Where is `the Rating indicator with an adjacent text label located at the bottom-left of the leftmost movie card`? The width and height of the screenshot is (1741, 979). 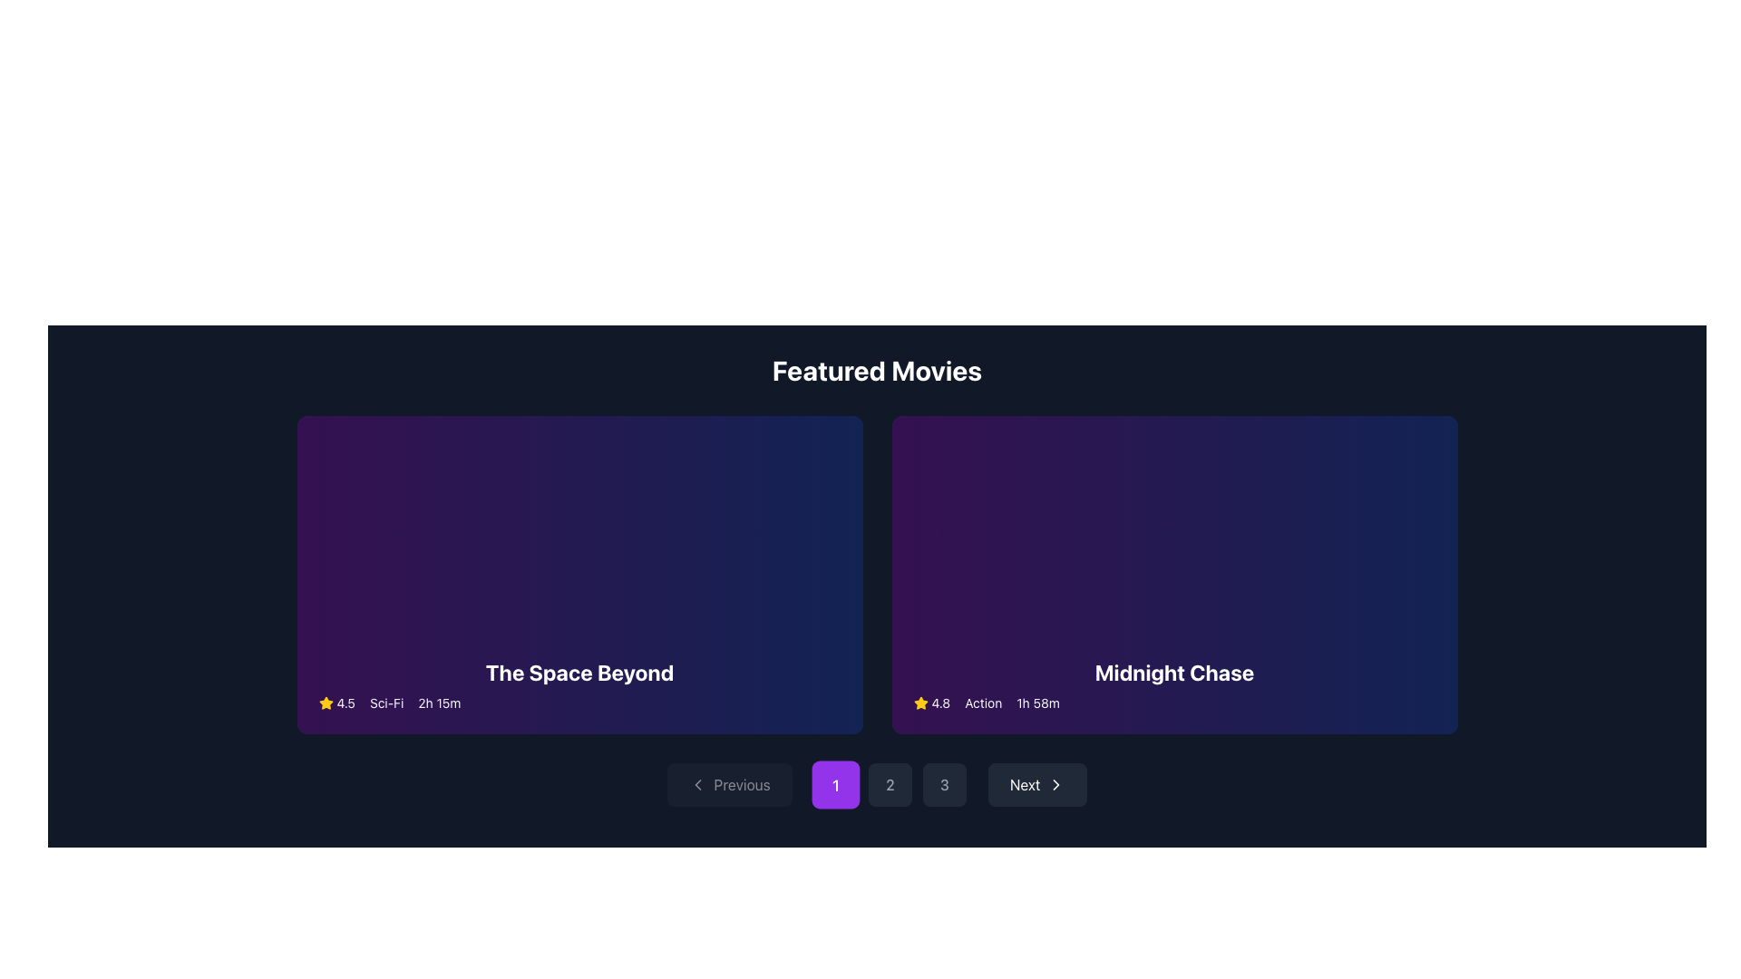
the Rating indicator with an adjacent text label located at the bottom-left of the leftmost movie card is located at coordinates (336, 702).